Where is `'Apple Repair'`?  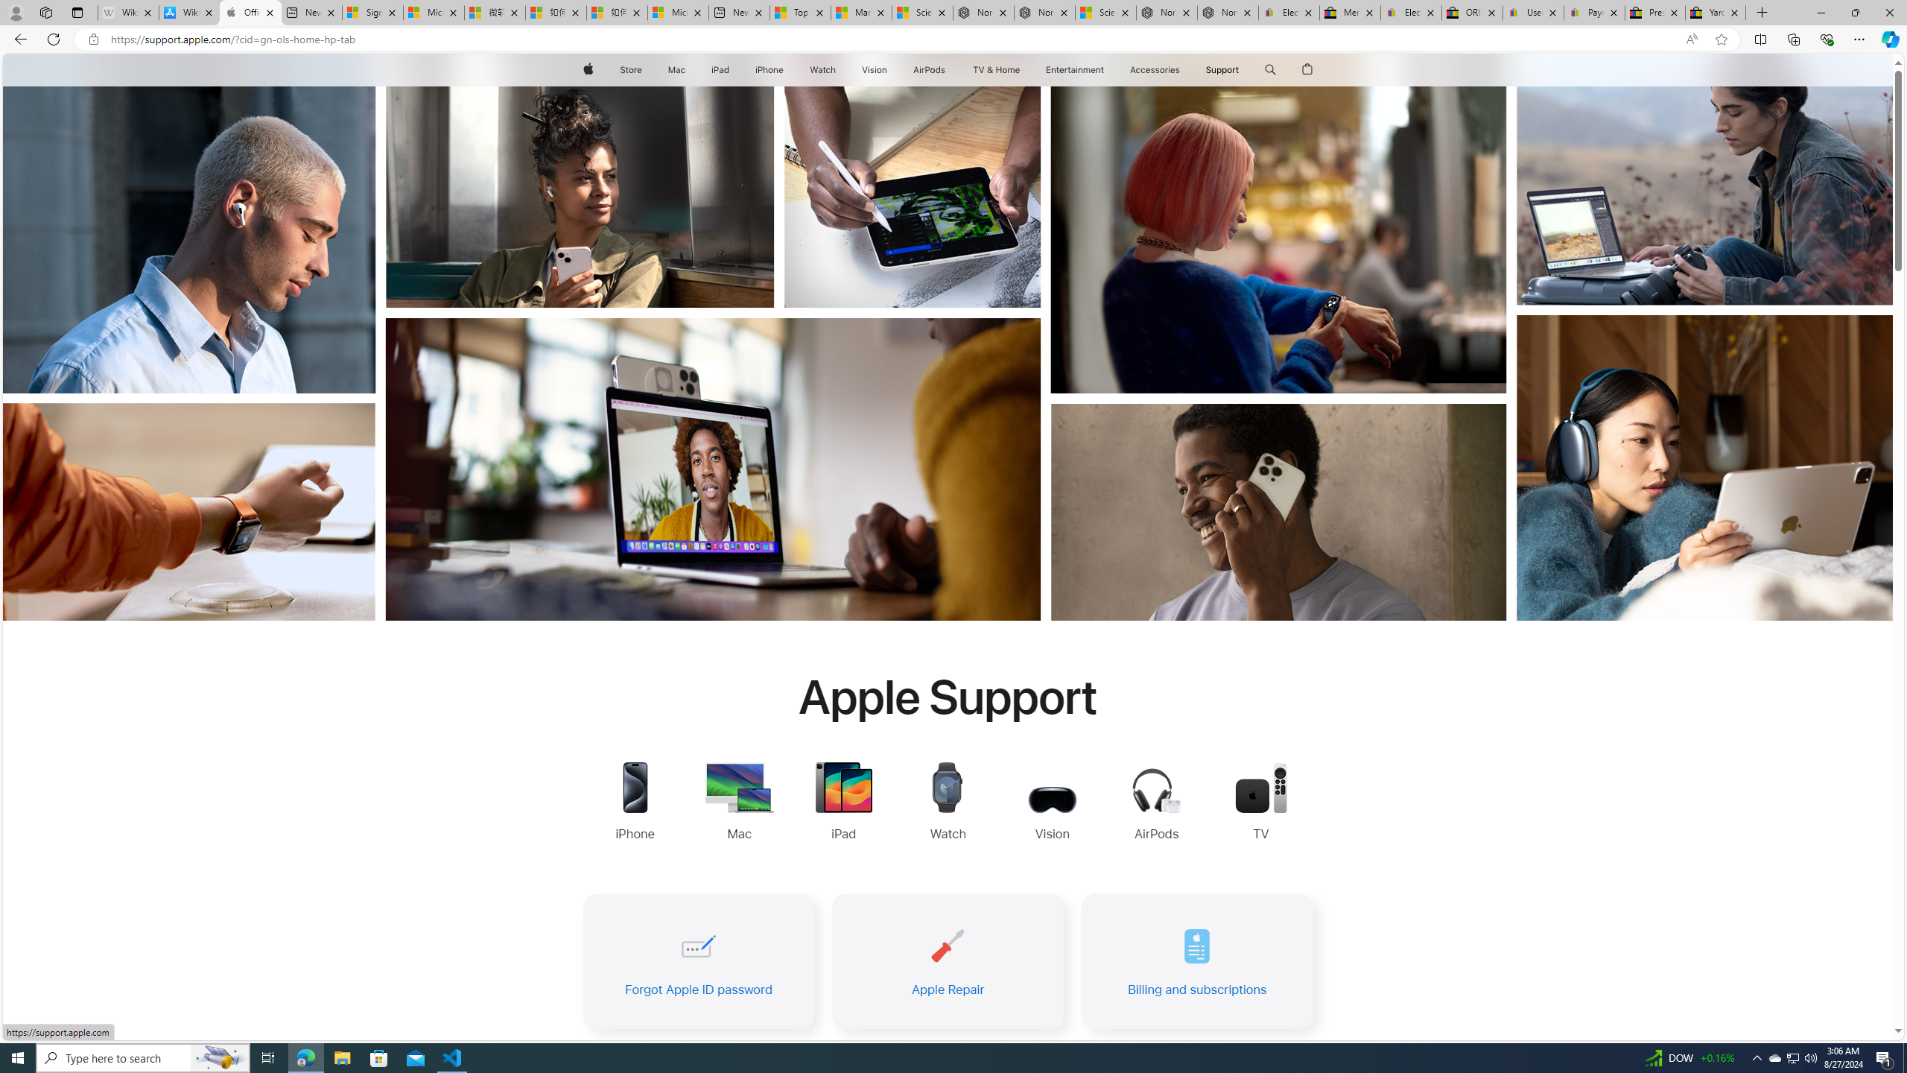
'Apple Repair' is located at coordinates (947, 961).